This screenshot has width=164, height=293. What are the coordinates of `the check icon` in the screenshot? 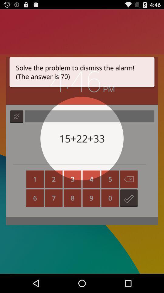 It's located at (128, 212).